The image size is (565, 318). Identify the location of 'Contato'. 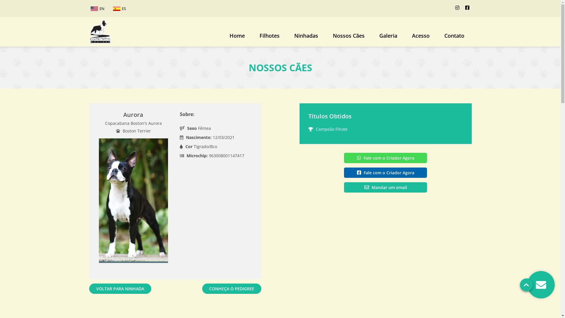
(453, 38).